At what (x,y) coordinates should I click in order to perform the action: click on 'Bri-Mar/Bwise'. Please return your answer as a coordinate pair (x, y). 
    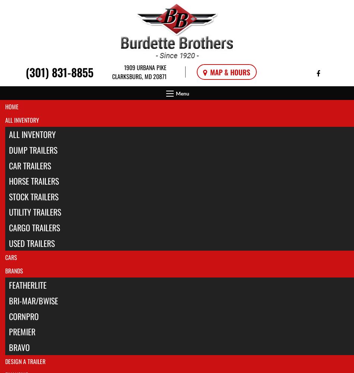
    Looking at the image, I should click on (33, 300).